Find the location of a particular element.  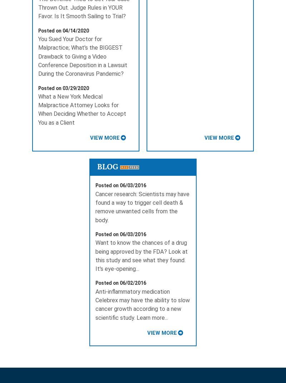

'Posted on 06/02/2016' is located at coordinates (120, 283).